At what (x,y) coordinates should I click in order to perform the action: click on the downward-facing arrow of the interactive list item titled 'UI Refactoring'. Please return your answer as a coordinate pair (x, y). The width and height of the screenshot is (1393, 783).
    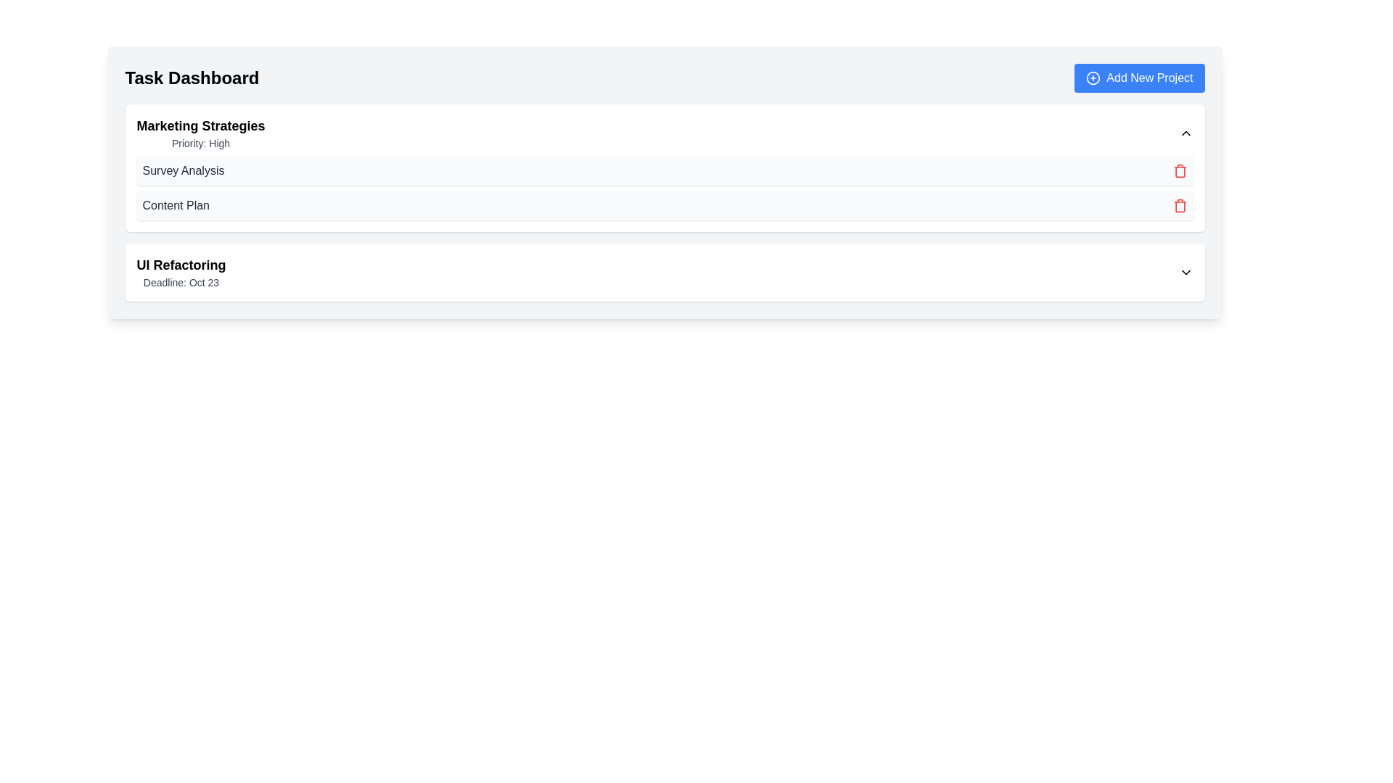
    Looking at the image, I should click on (664, 272).